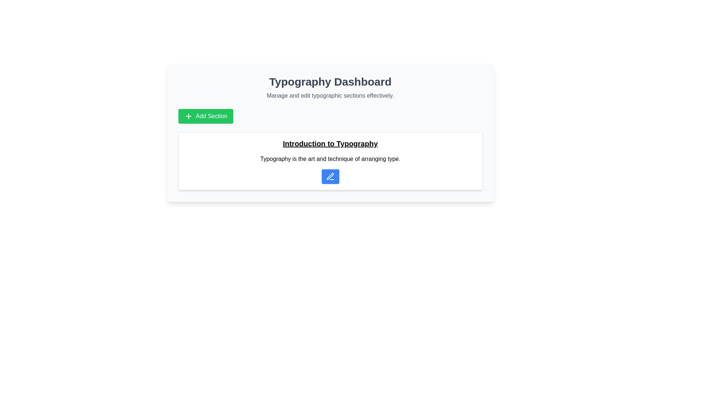  Describe the element at coordinates (330, 161) in the screenshot. I see `title and description from the Card component embedded within the 'Typography Dashboard', which is located below the 'Add Section' button` at that location.